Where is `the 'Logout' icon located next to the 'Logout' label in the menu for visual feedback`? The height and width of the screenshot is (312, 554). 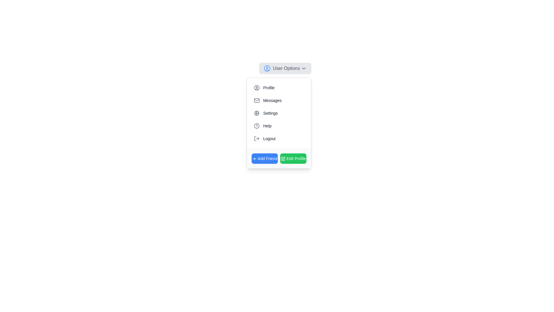 the 'Logout' icon located next to the 'Logout' label in the menu for visual feedback is located at coordinates (257, 138).